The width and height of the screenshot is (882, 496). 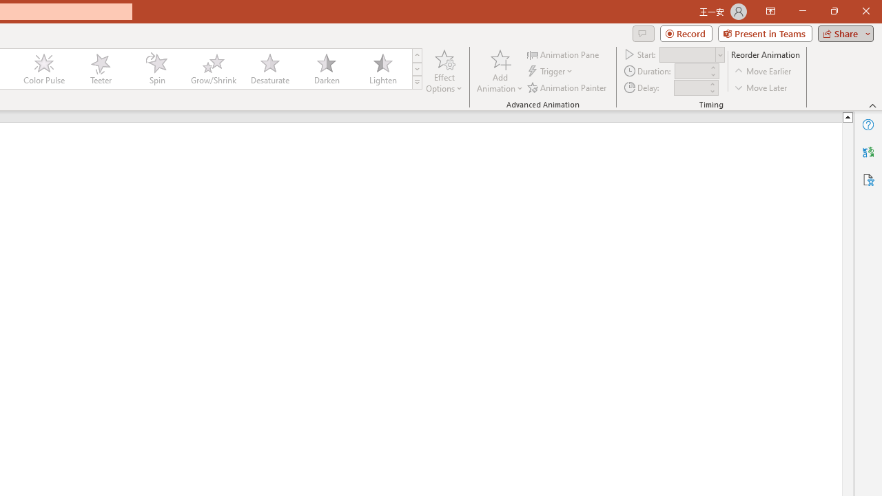 I want to click on 'Move Later', so click(x=761, y=87).